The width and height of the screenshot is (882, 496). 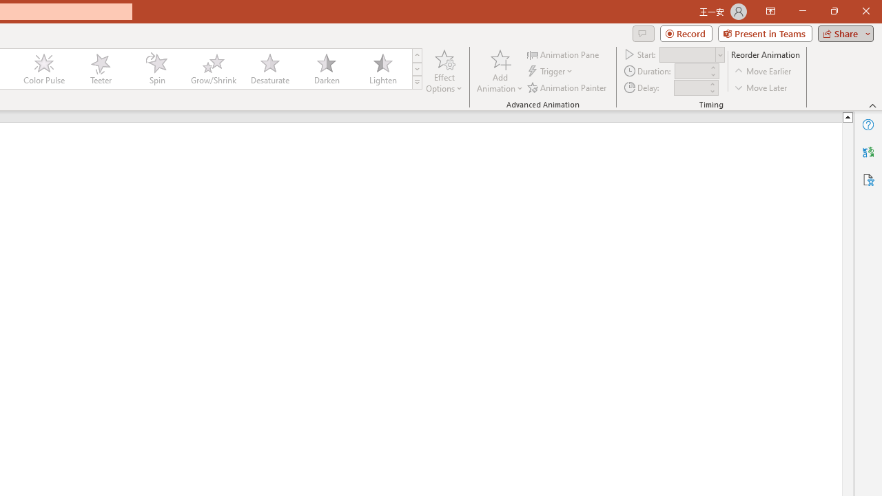 I want to click on 'Move Later', so click(x=761, y=87).